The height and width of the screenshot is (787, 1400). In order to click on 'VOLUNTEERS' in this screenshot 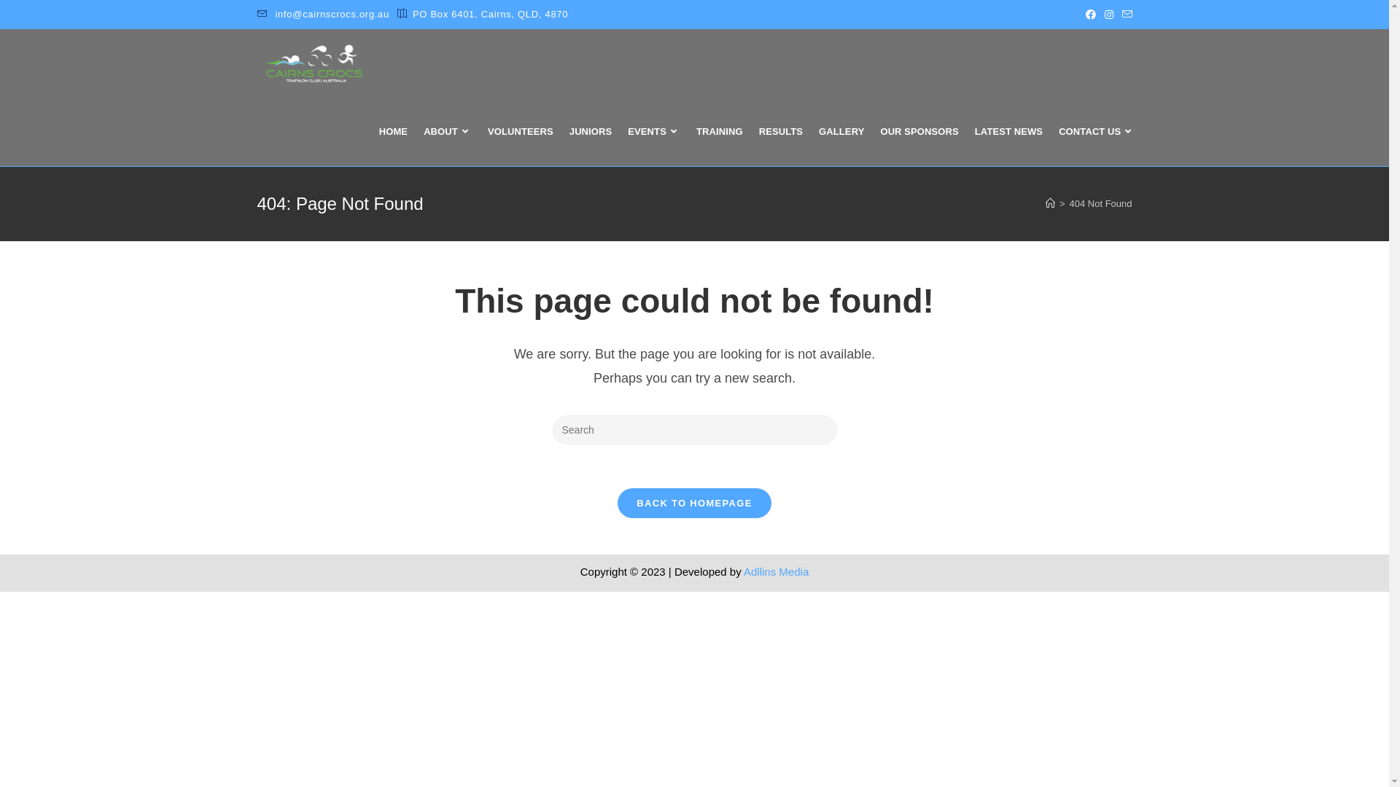, I will do `click(521, 132)`.